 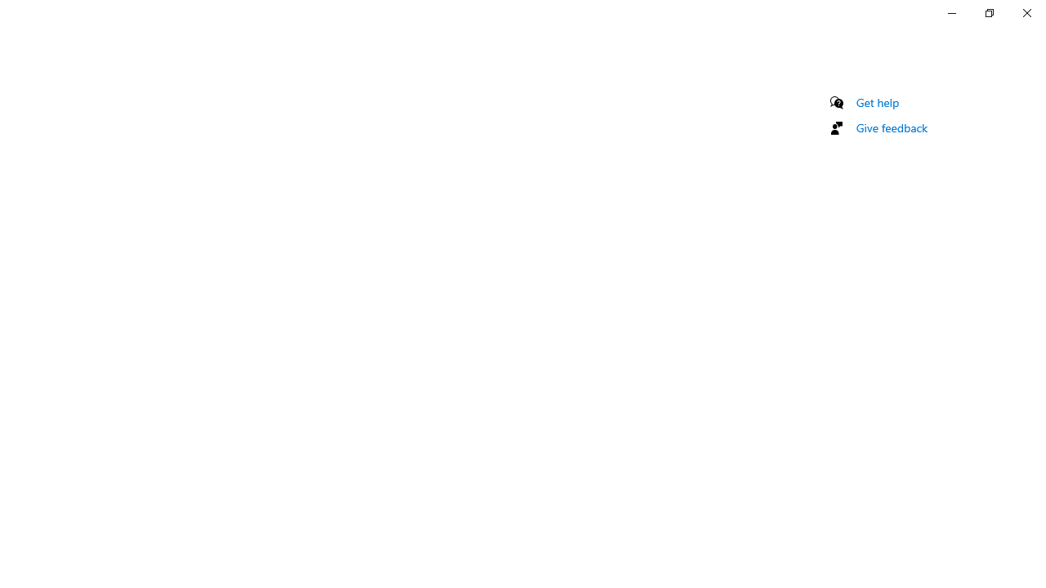 What do you see at coordinates (951, 12) in the screenshot?
I see `'Minimize Settings'` at bounding box center [951, 12].